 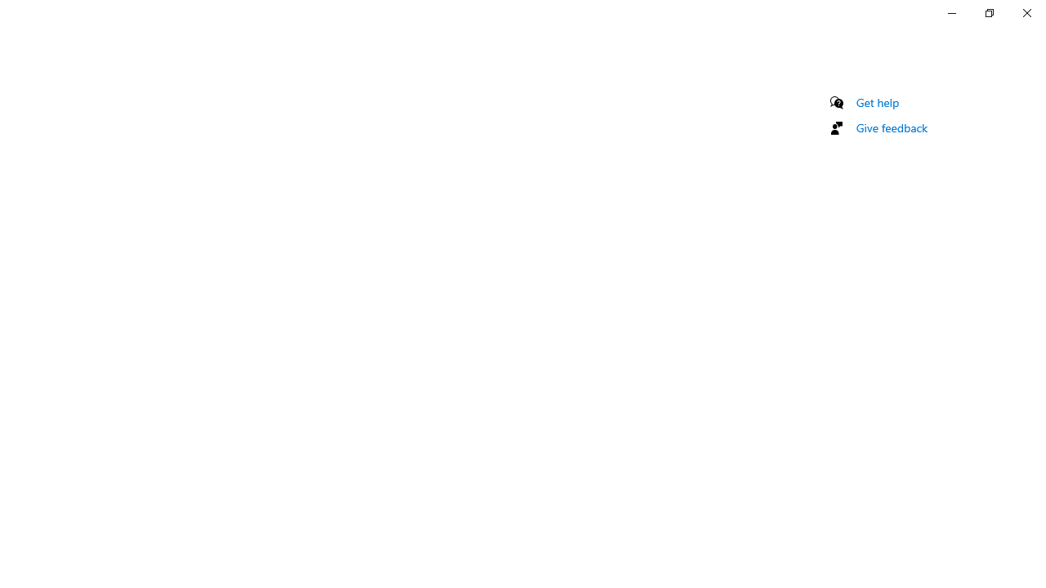 What do you see at coordinates (951, 12) in the screenshot?
I see `'Minimize Settings'` at bounding box center [951, 12].